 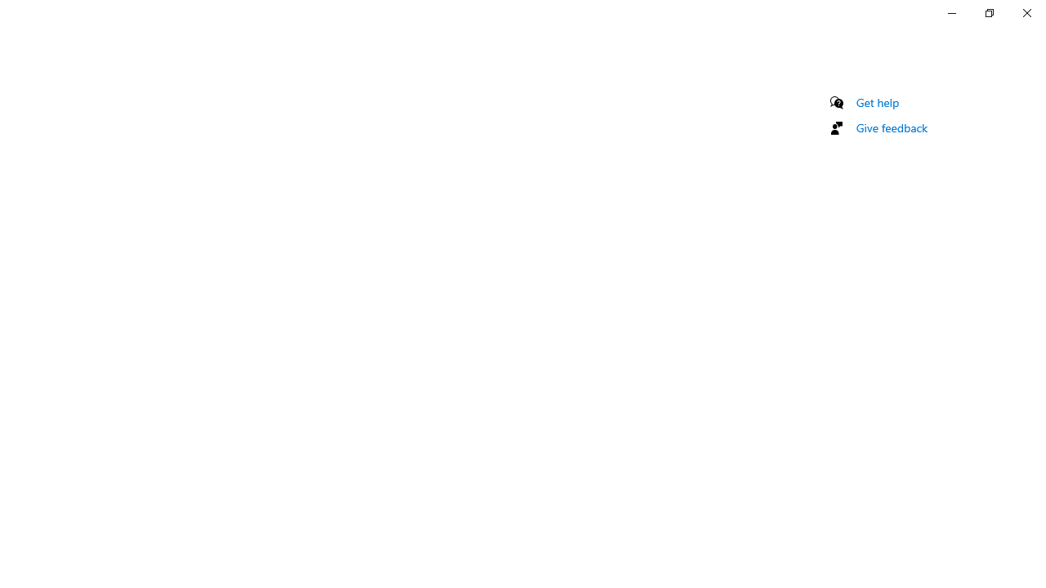 What do you see at coordinates (951, 12) in the screenshot?
I see `'Minimize Settings'` at bounding box center [951, 12].